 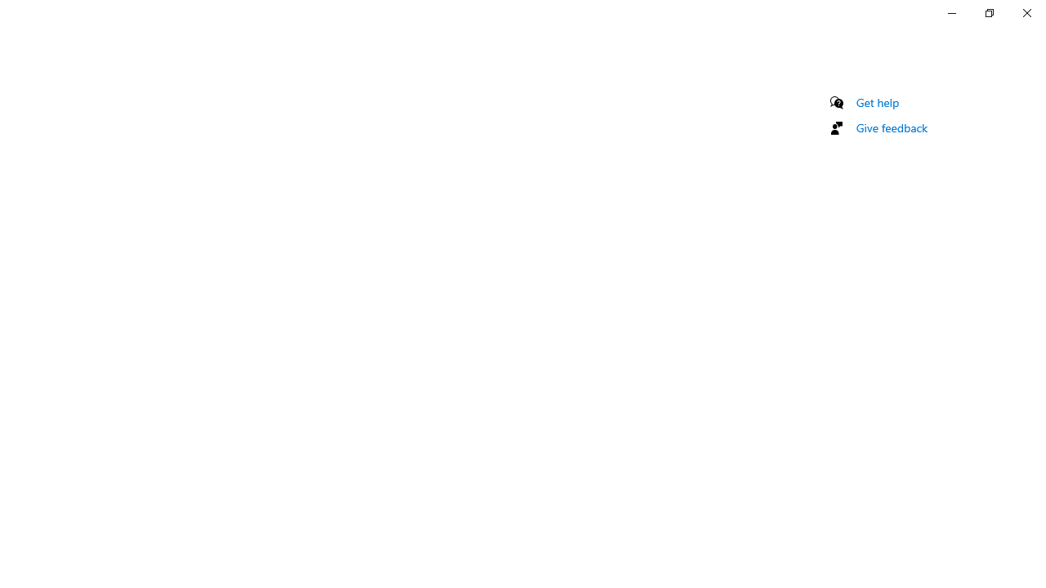 What do you see at coordinates (951, 12) in the screenshot?
I see `'Minimize Settings'` at bounding box center [951, 12].